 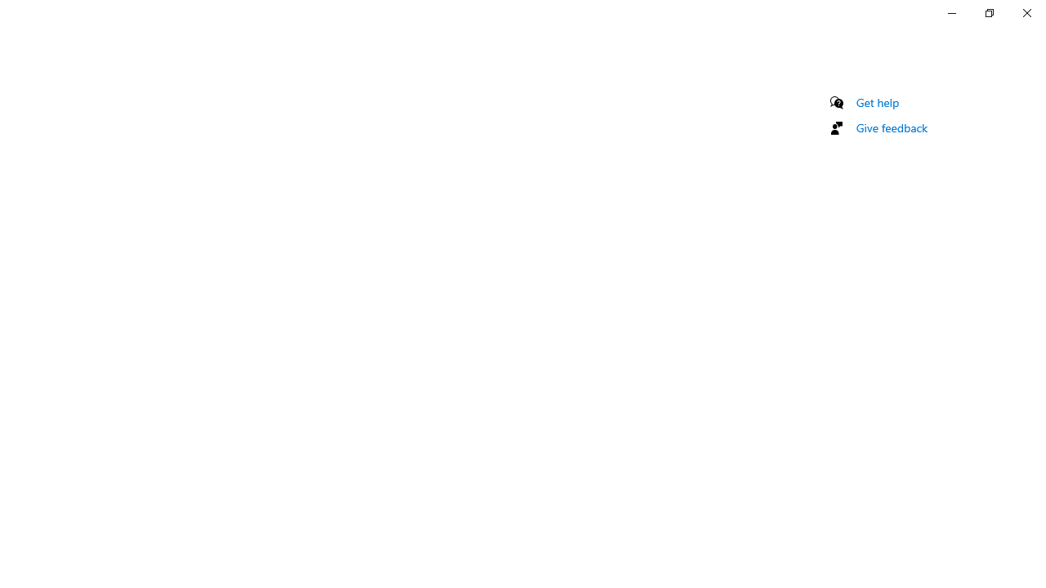 What do you see at coordinates (951, 12) in the screenshot?
I see `'Minimize Settings'` at bounding box center [951, 12].